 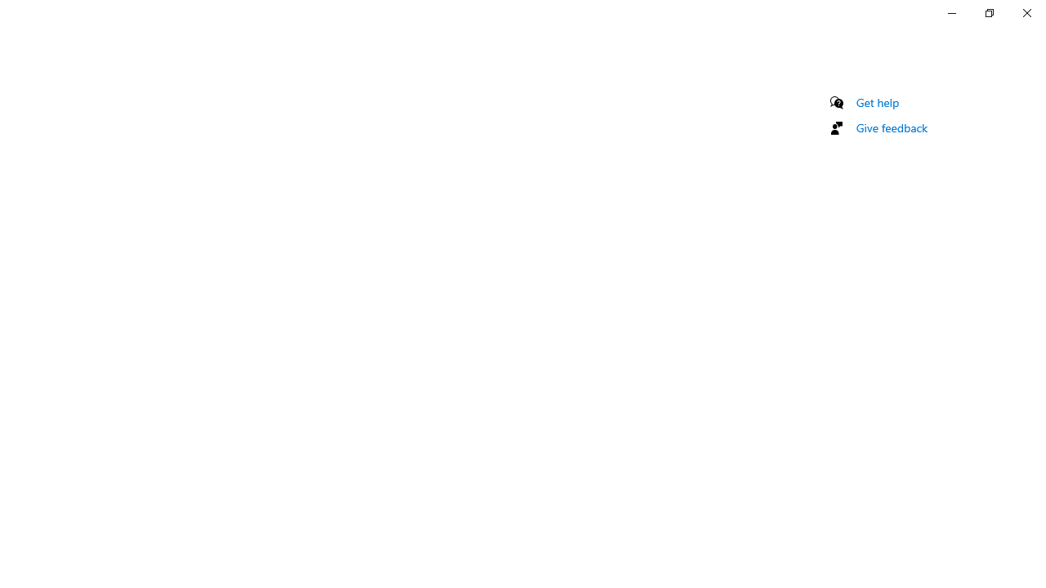 What do you see at coordinates (951, 12) in the screenshot?
I see `'Minimize Settings'` at bounding box center [951, 12].